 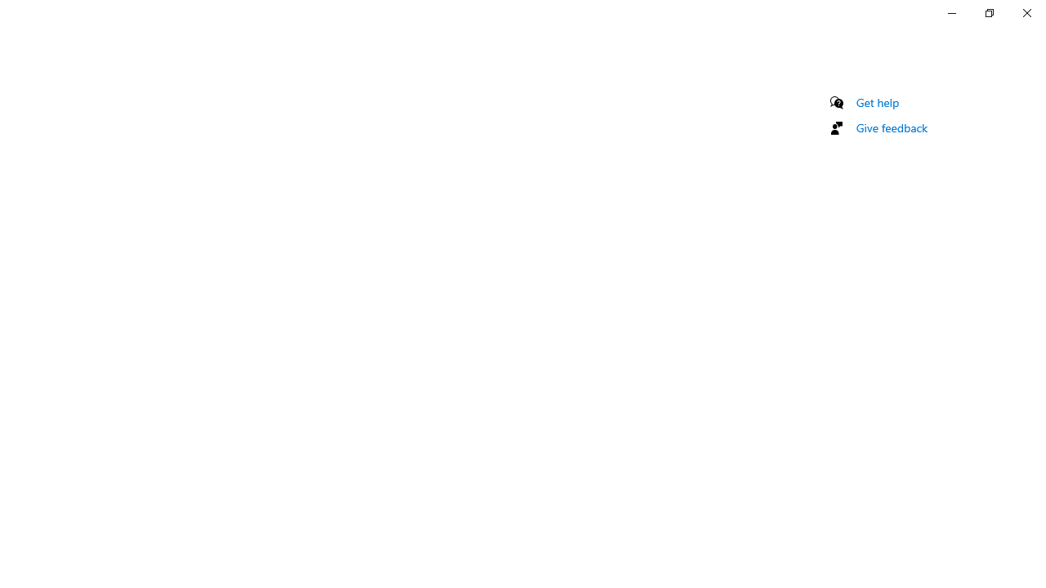 What do you see at coordinates (951, 12) in the screenshot?
I see `'Minimize Settings'` at bounding box center [951, 12].